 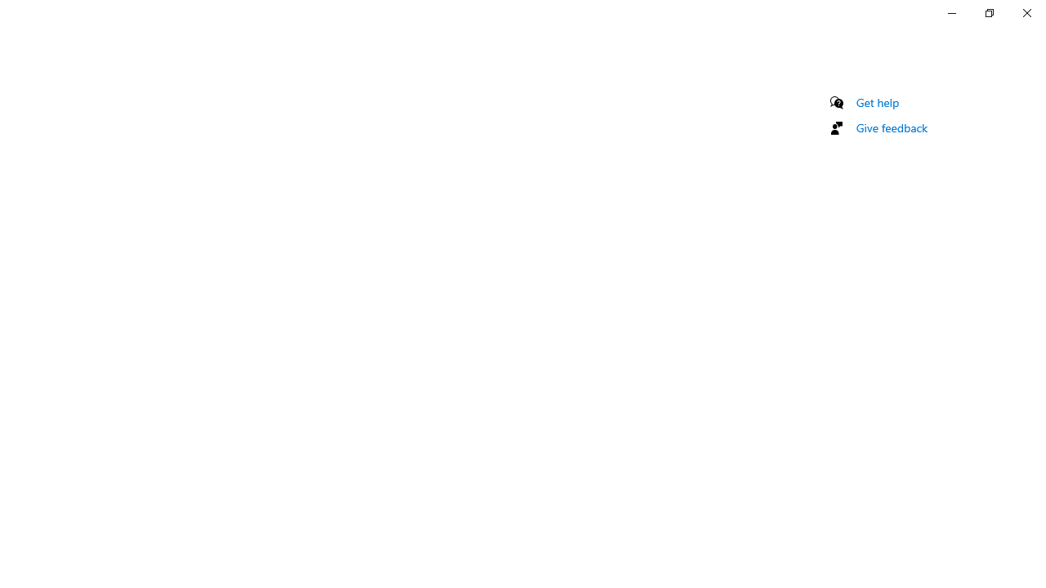 What do you see at coordinates (951, 12) in the screenshot?
I see `'Minimize Settings'` at bounding box center [951, 12].